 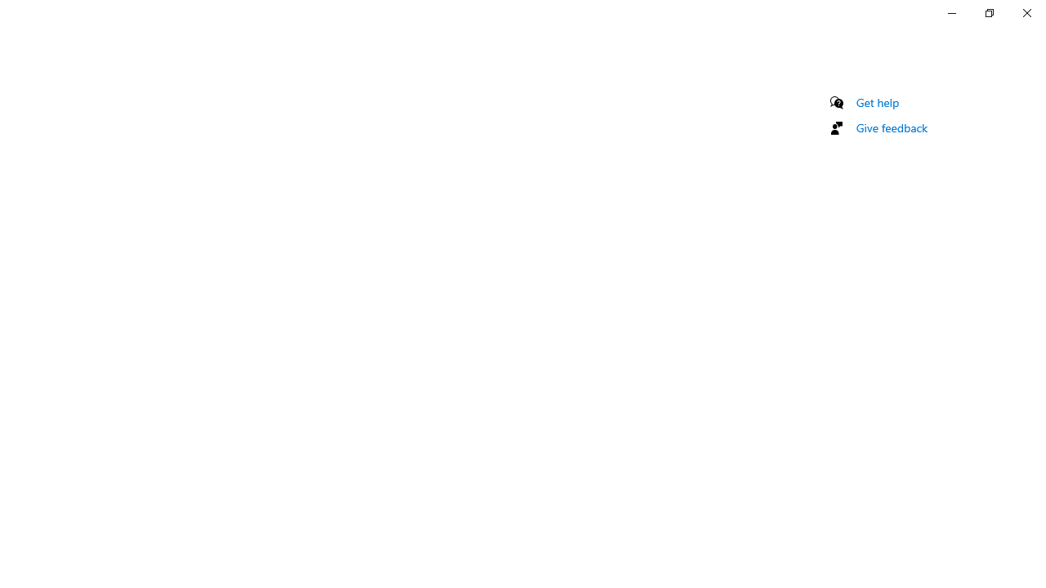 What do you see at coordinates (951, 12) in the screenshot?
I see `'Minimize Settings'` at bounding box center [951, 12].